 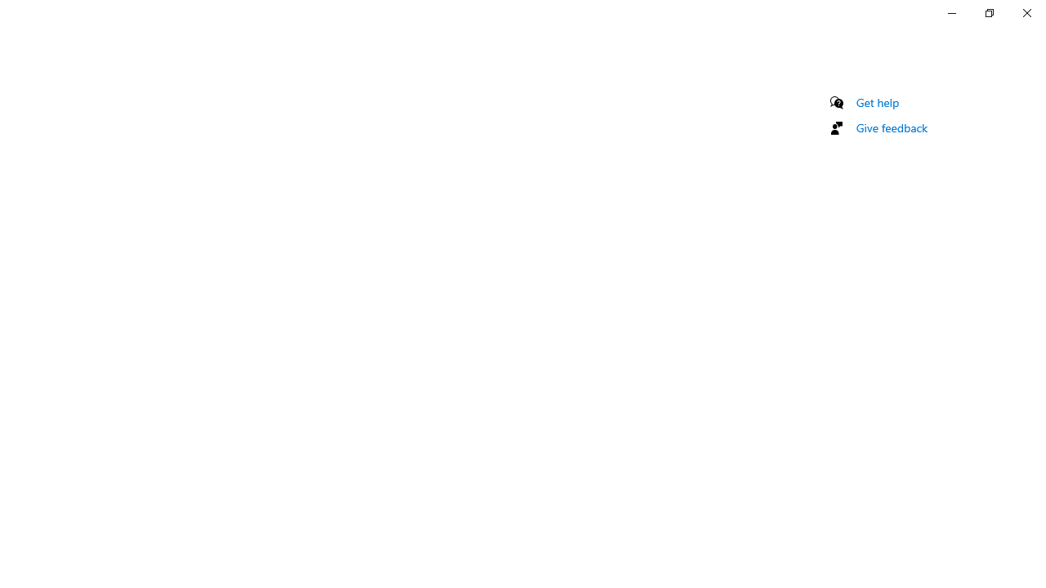 What do you see at coordinates (951, 12) in the screenshot?
I see `'Minimize Settings'` at bounding box center [951, 12].